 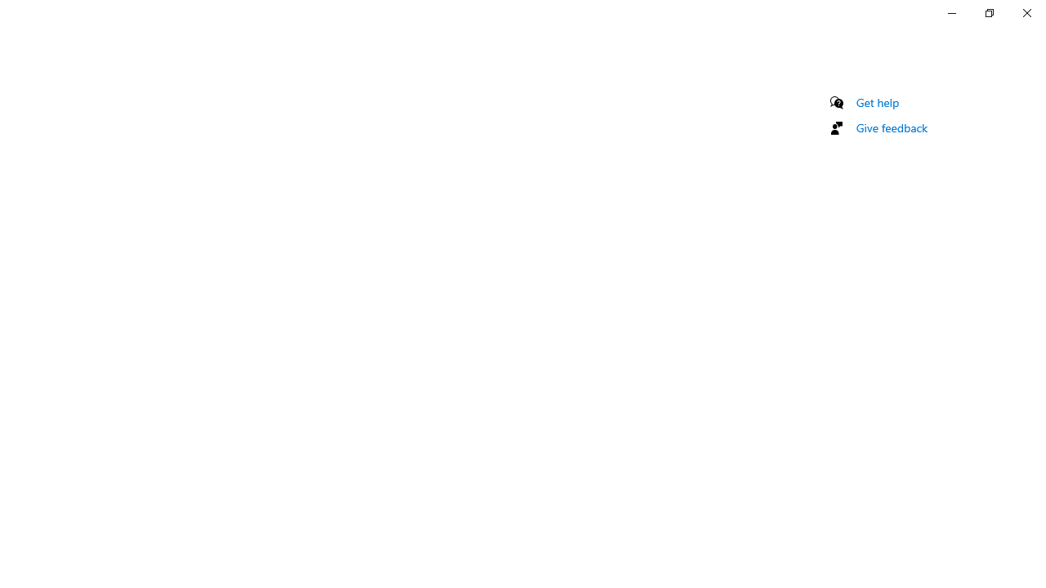 What do you see at coordinates (951, 12) in the screenshot?
I see `'Minimize Settings'` at bounding box center [951, 12].